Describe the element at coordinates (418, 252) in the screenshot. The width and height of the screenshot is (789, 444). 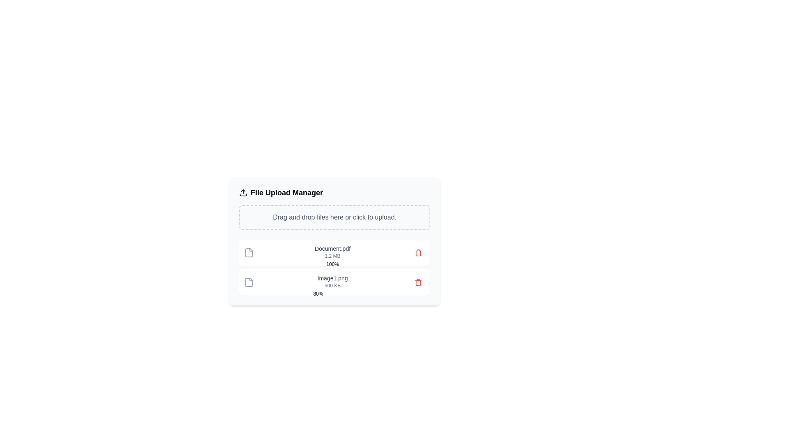
I see `the delete button (trash icon) located in the right region of the row containing information about 'Document.pdf'` at that location.